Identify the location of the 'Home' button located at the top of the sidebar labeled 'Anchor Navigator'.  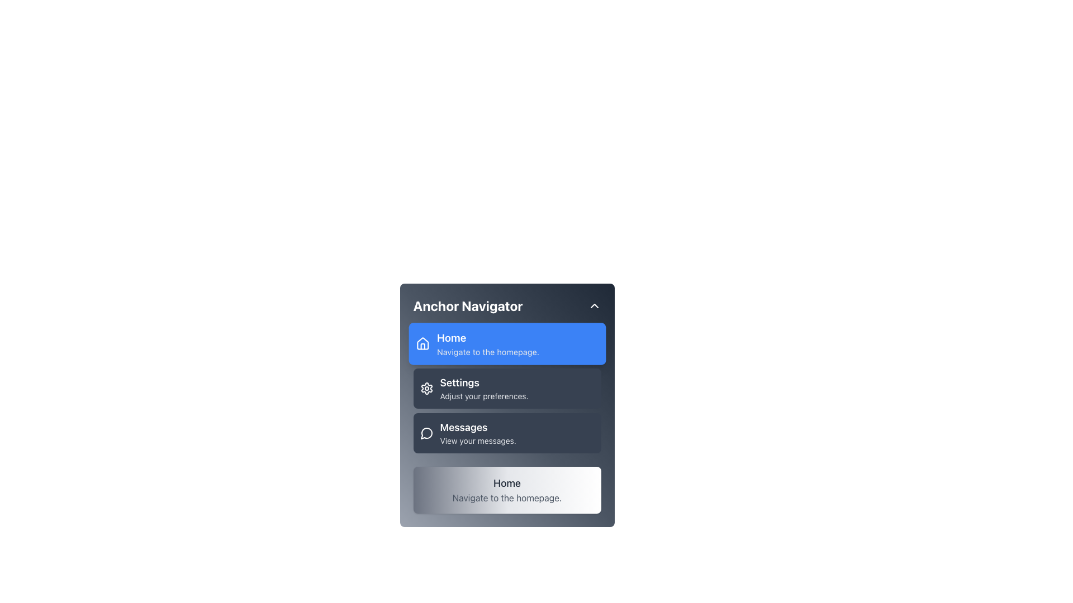
(506, 343).